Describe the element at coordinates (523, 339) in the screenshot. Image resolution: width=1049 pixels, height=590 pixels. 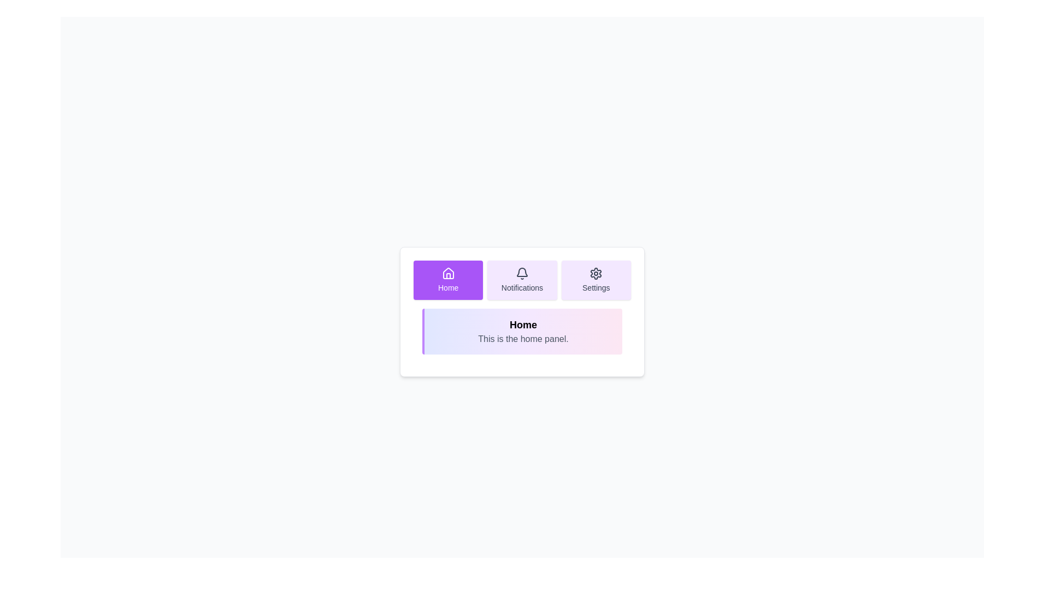
I see `the label that reads 'This is the home panel.' which is styled with a gray color and is positioned below the 'Home' title text` at that location.